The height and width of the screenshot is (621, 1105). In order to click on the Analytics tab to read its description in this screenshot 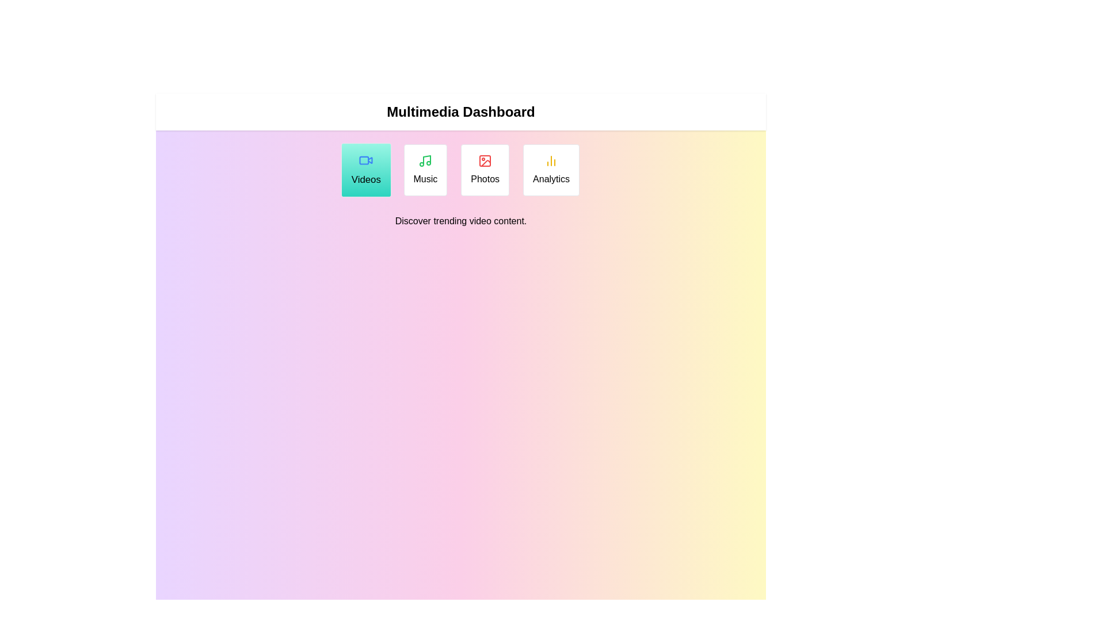, I will do `click(551, 170)`.